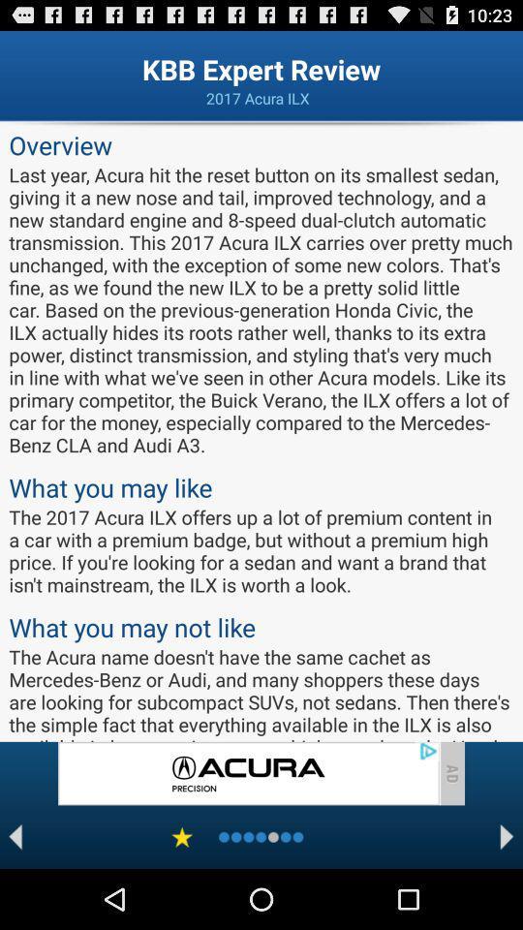  Describe the element at coordinates (248, 773) in the screenshot. I see `advertisement` at that location.